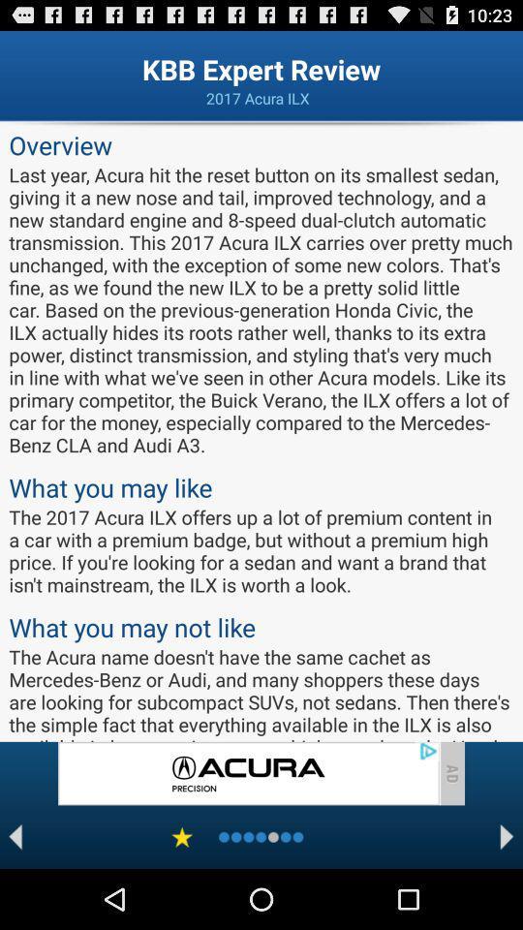  Describe the element at coordinates (248, 773) in the screenshot. I see `advertisement` at that location.